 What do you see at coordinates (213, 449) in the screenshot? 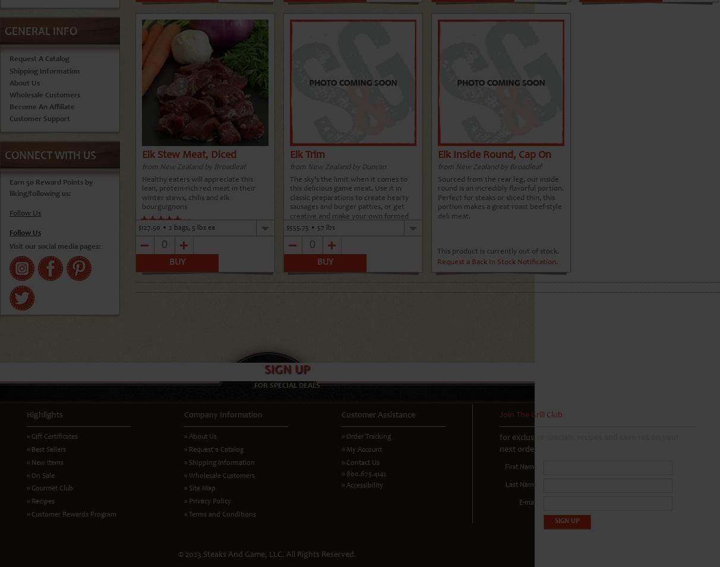
I see `'» Request a Catalog'` at bounding box center [213, 449].